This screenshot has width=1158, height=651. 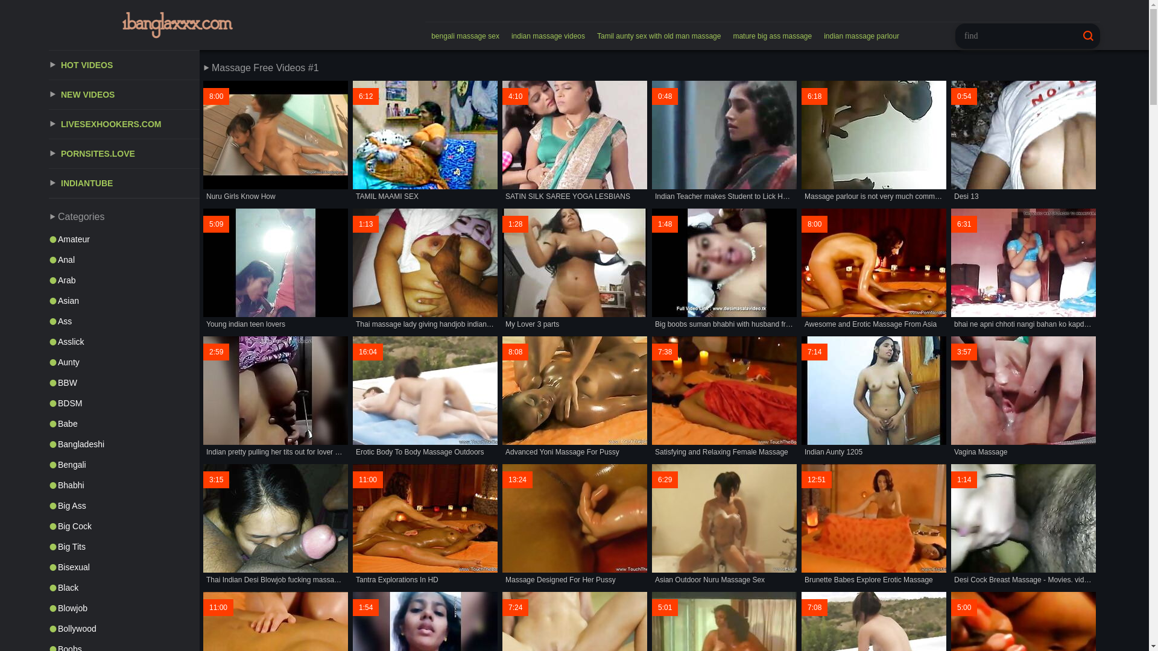 What do you see at coordinates (861, 36) in the screenshot?
I see `'indian massage parlour'` at bounding box center [861, 36].